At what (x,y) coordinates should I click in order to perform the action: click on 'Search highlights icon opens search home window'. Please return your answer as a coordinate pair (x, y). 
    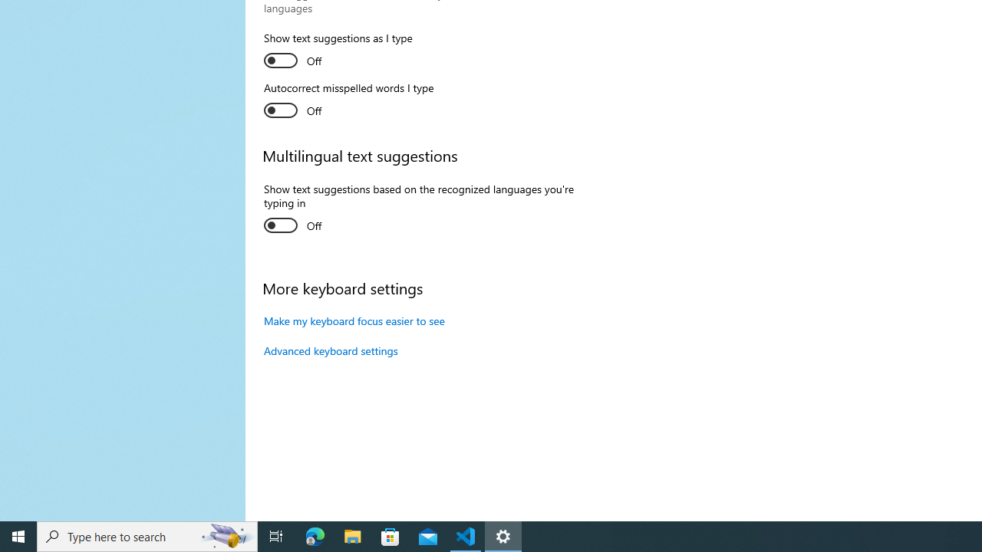
    Looking at the image, I should click on (226, 535).